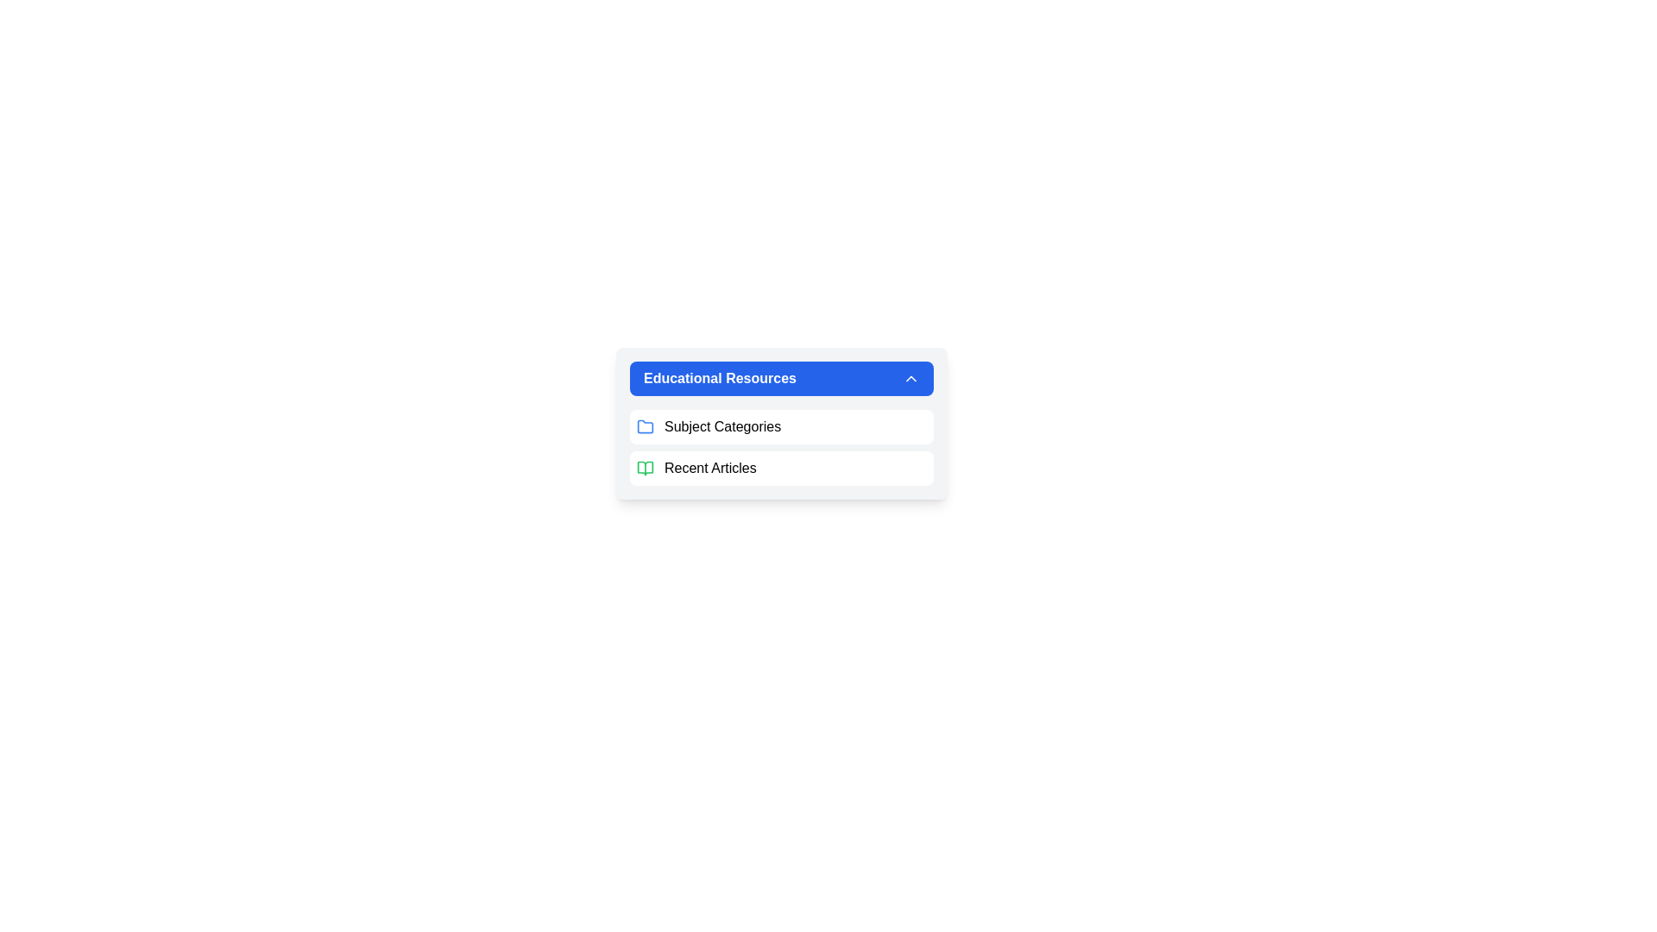 The width and height of the screenshot is (1657, 932). Describe the element at coordinates (720, 378) in the screenshot. I see `text label that serves as the title of the dropdown menu, located at the top of the menu and to the left of the upward-pointing chevron icon` at that location.